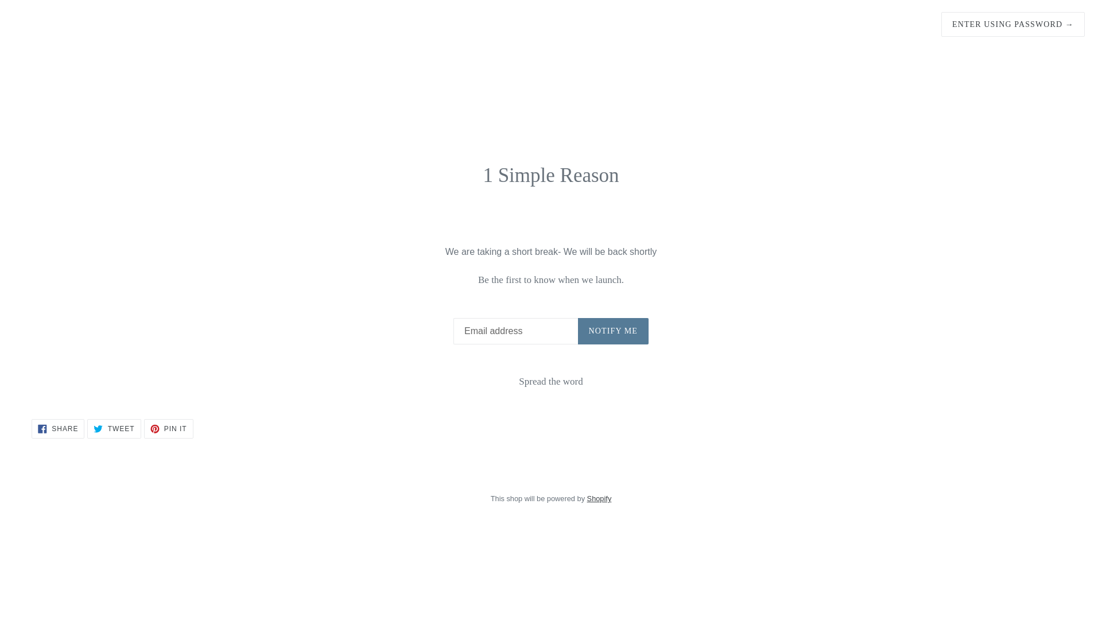  What do you see at coordinates (57, 429) in the screenshot?
I see `'SHARE` at bounding box center [57, 429].